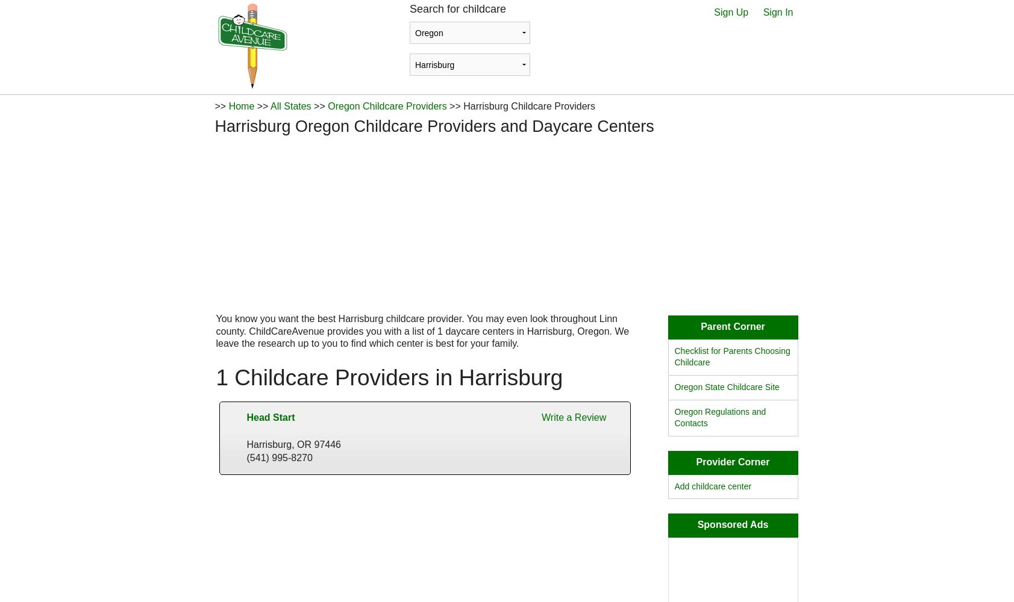 The height and width of the screenshot is (602, 1014). Describe the element at coordinates (458, 90) in the screenshot. I see `'Login with Facebook'` at that location.